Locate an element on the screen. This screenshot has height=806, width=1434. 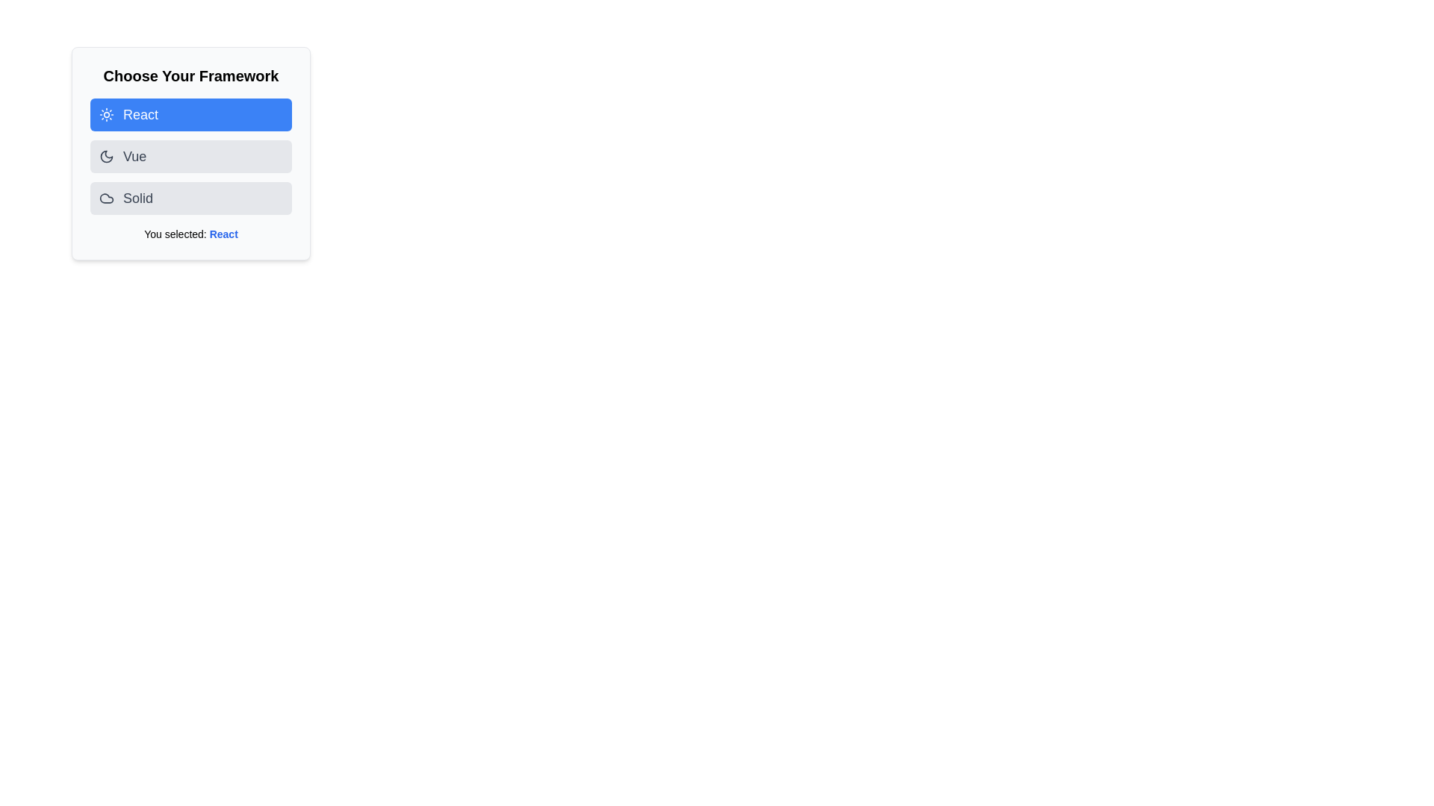
the cloud-shaped icon in the third button slot labeled 'Solid' is located at coordinates (106, 198).